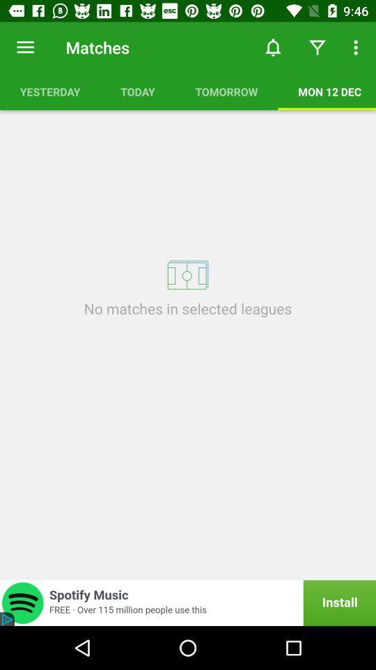  What do you see at coordinates (188, 602) in the screenshot?
I see `icon below no matches in icon` at bounding box center [188, 602].